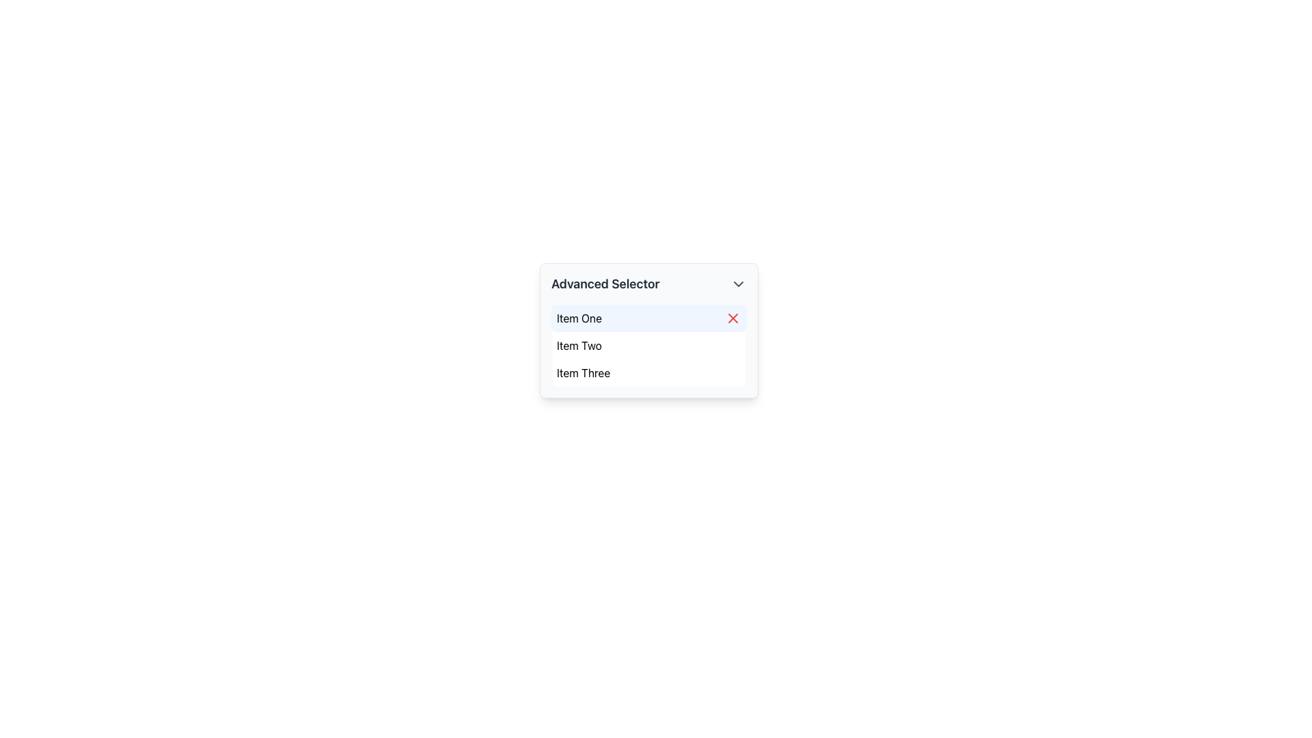 This screenshot has width=1312, height=738. What do you see at coordinates (648, 284) in the screenshot?
I see `the Dropdown Header element to interact with the options available in the dropdown menu` at bounding box center [648, 284].